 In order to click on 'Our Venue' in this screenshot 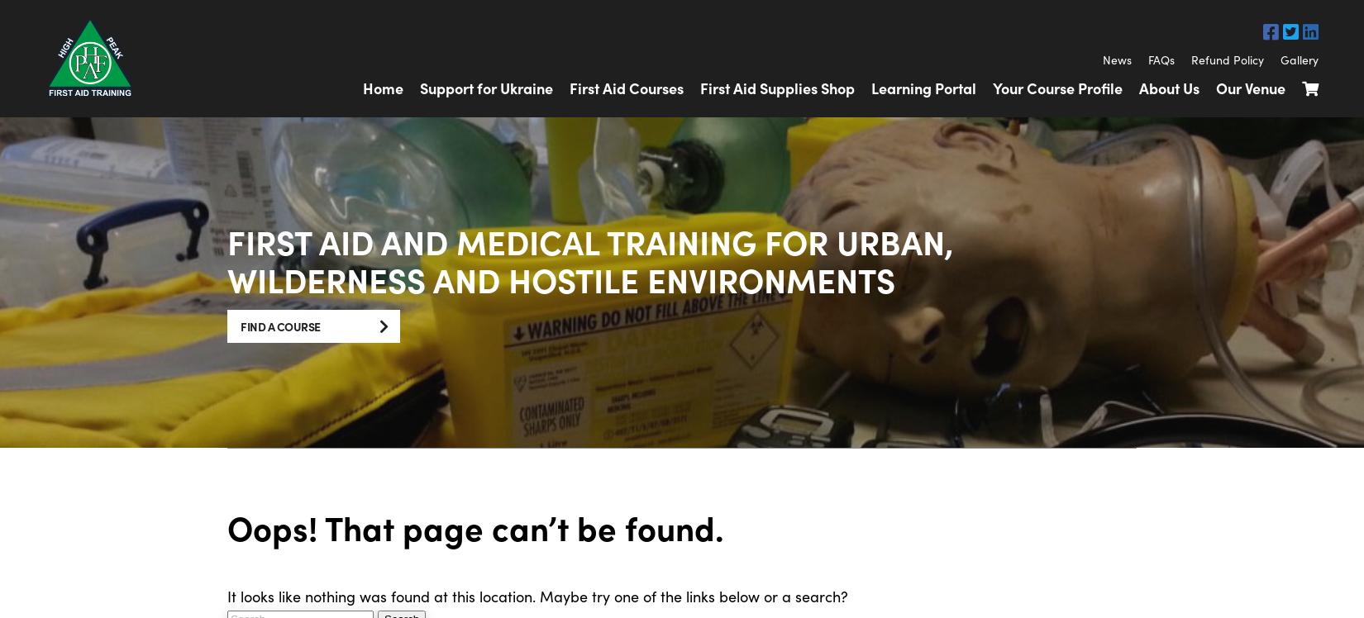, I will do `click(1214, 87)`.